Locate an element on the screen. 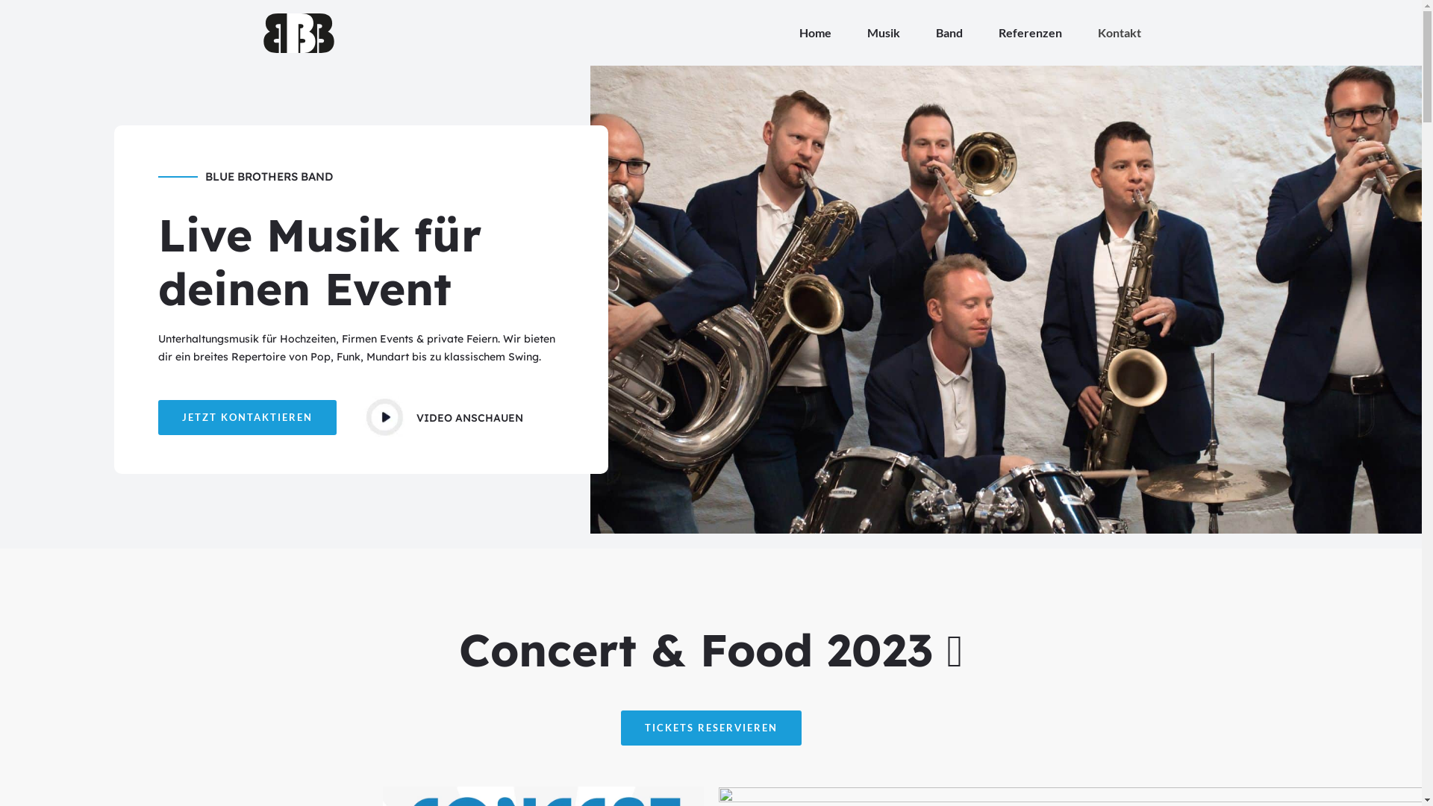  'TICKETS RESERVIEREN' is located at coordinates (711, 727).